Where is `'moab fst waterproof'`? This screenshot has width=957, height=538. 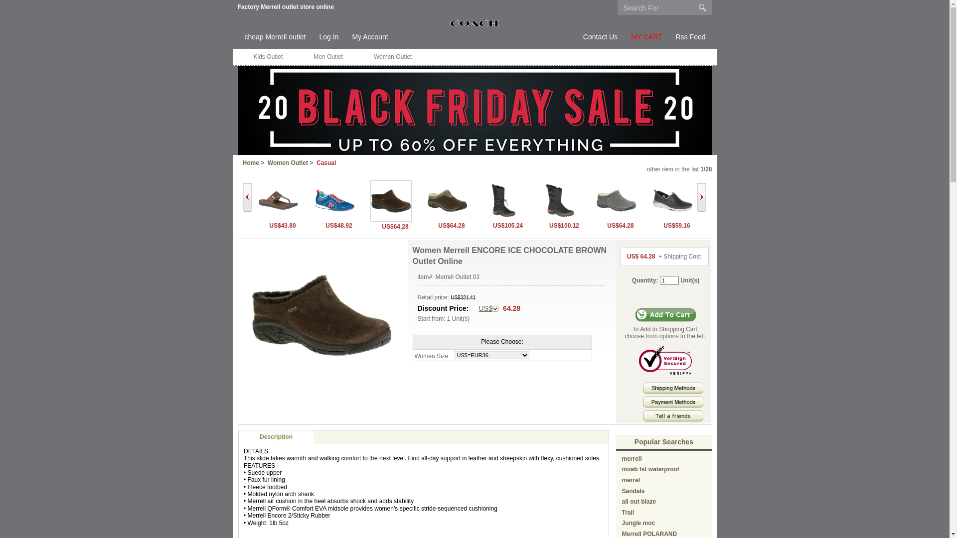 'moab fst waterproof' is located at coordinates (650, 469).